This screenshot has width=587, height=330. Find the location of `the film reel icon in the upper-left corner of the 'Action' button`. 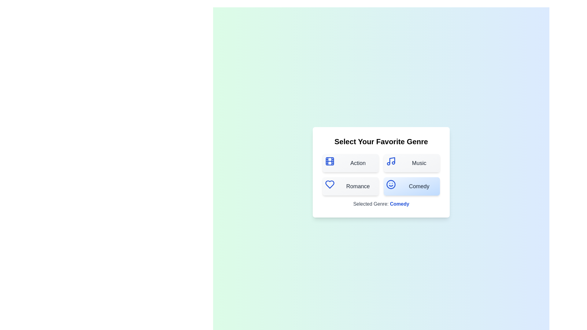

the film reel icon in the upper-left corner of the 'Action' button is located at coordinates (330, 161).